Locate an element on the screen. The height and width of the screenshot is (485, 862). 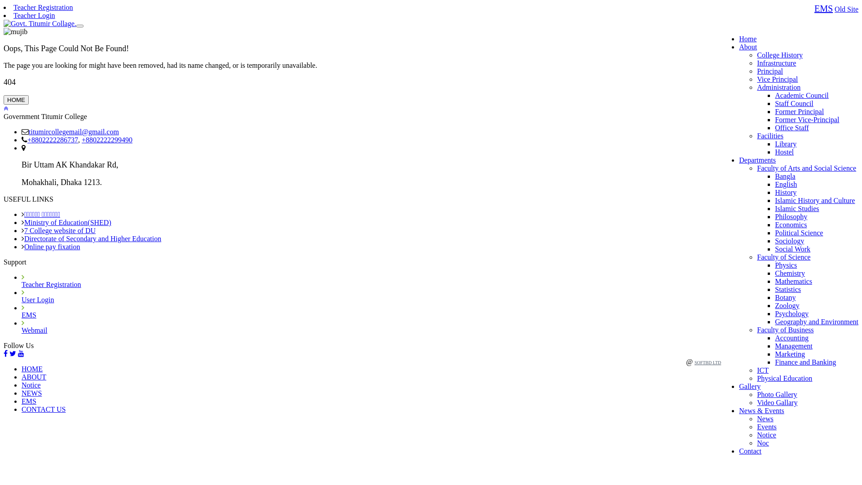
'About' is located at coordinates (748, 47).